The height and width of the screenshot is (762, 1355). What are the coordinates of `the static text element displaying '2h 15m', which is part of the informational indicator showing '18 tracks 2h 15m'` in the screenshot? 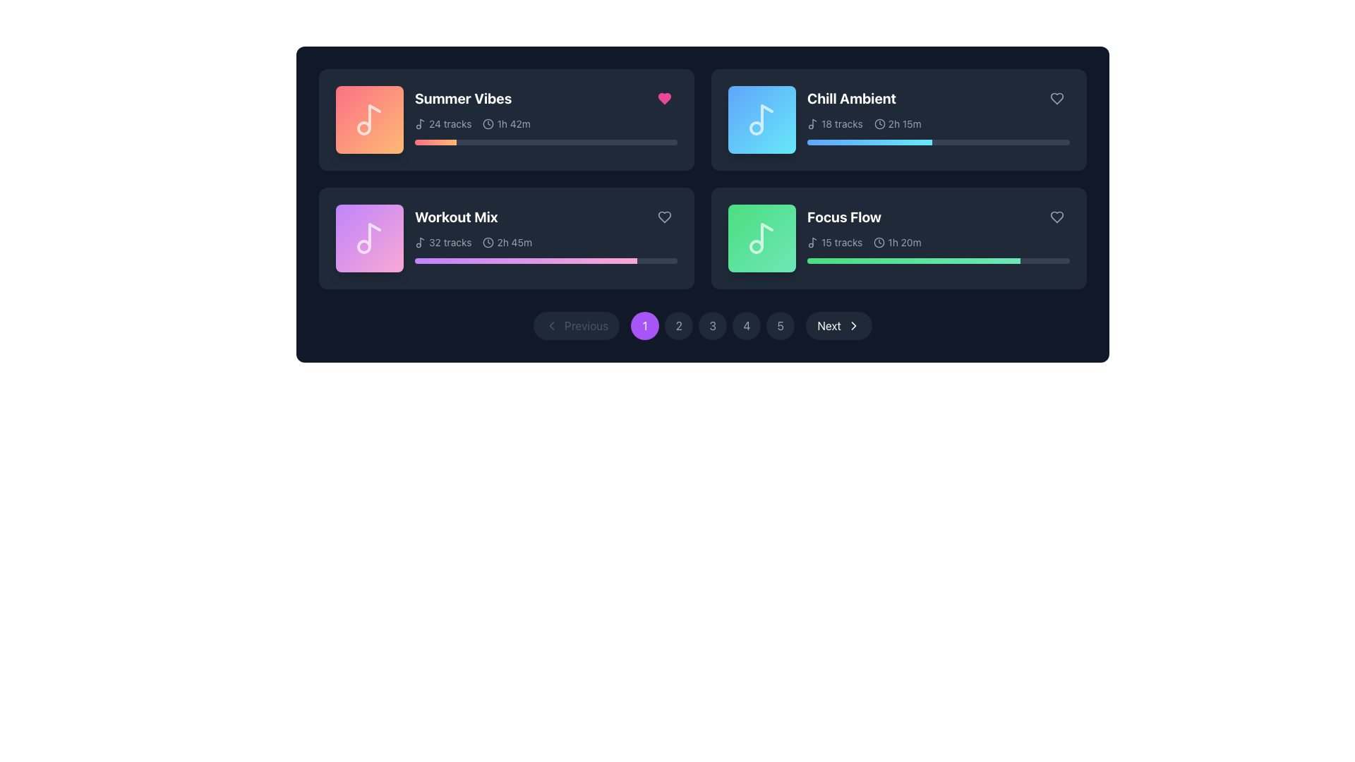 It's located at (897, 123).